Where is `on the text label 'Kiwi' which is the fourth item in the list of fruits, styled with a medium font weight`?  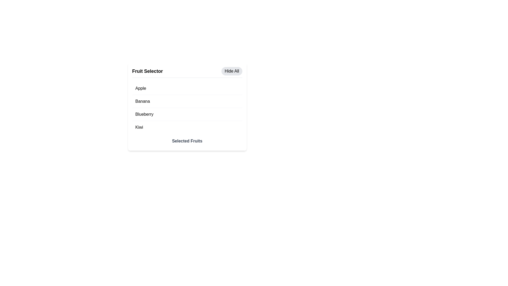 on the text label 'Kiwi' which is the fourth item in the list of fruits, styled with a medium font weight is located at coordinates (139, 127).